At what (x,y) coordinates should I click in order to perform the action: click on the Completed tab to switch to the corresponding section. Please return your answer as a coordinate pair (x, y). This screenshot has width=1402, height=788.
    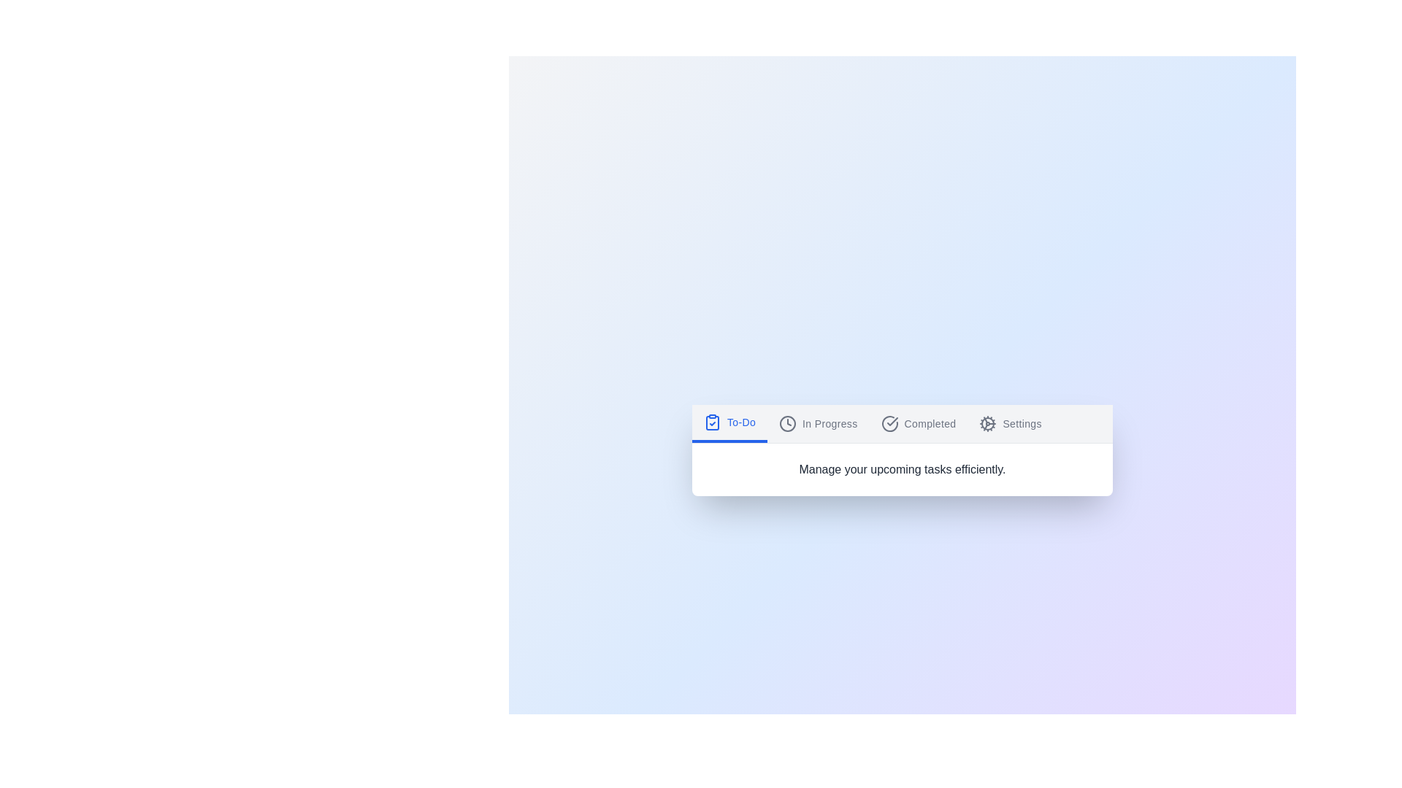
    Looking at the image, I should click on (917, 423).